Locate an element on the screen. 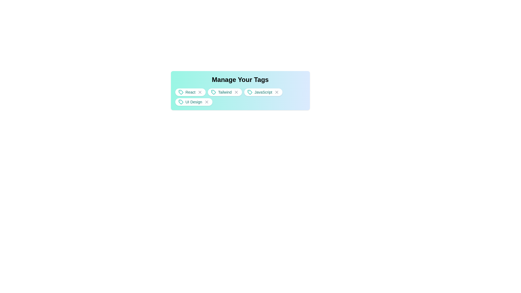 This screenshot has width=521, height=293. the close button of the tag React to remove it is located at coordinates (199, 92).